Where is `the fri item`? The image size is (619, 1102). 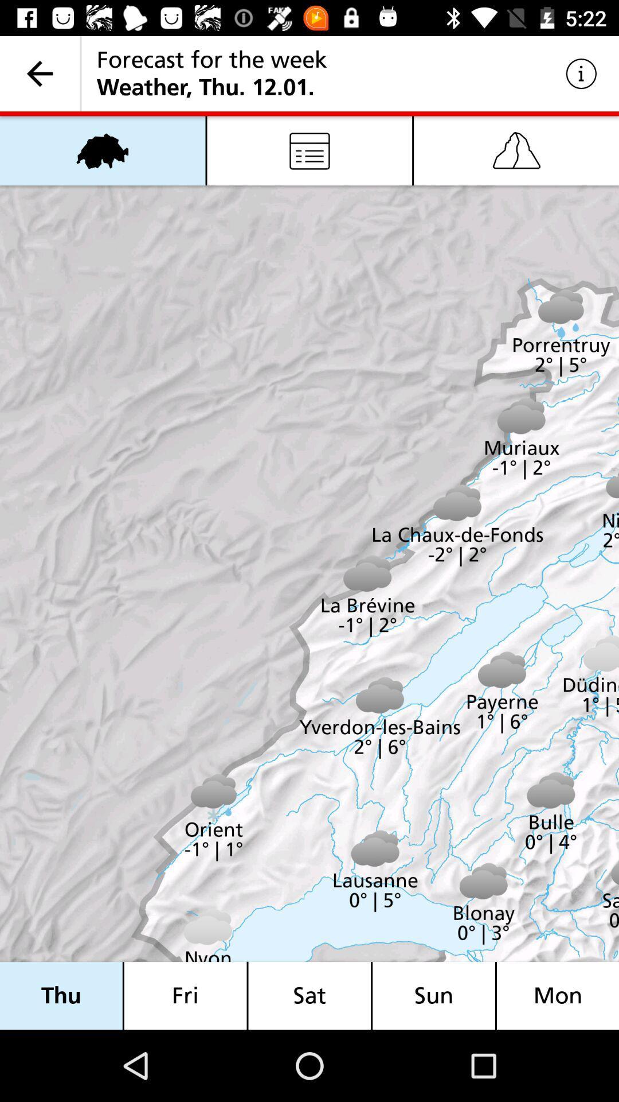 the fri item is located at coordinates (185, 995).